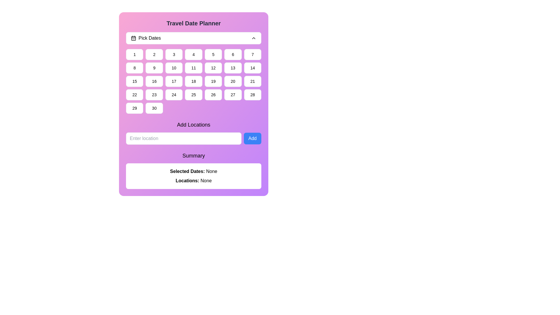 The width and height of the screenshot is (560, 315). Describe the element at coordinates (193, 23) in the screenshot. I see `heading text 'Travel Date Planner' which is a bold, centered text at the top of the application, styled with a large font size and gray color` at that location.